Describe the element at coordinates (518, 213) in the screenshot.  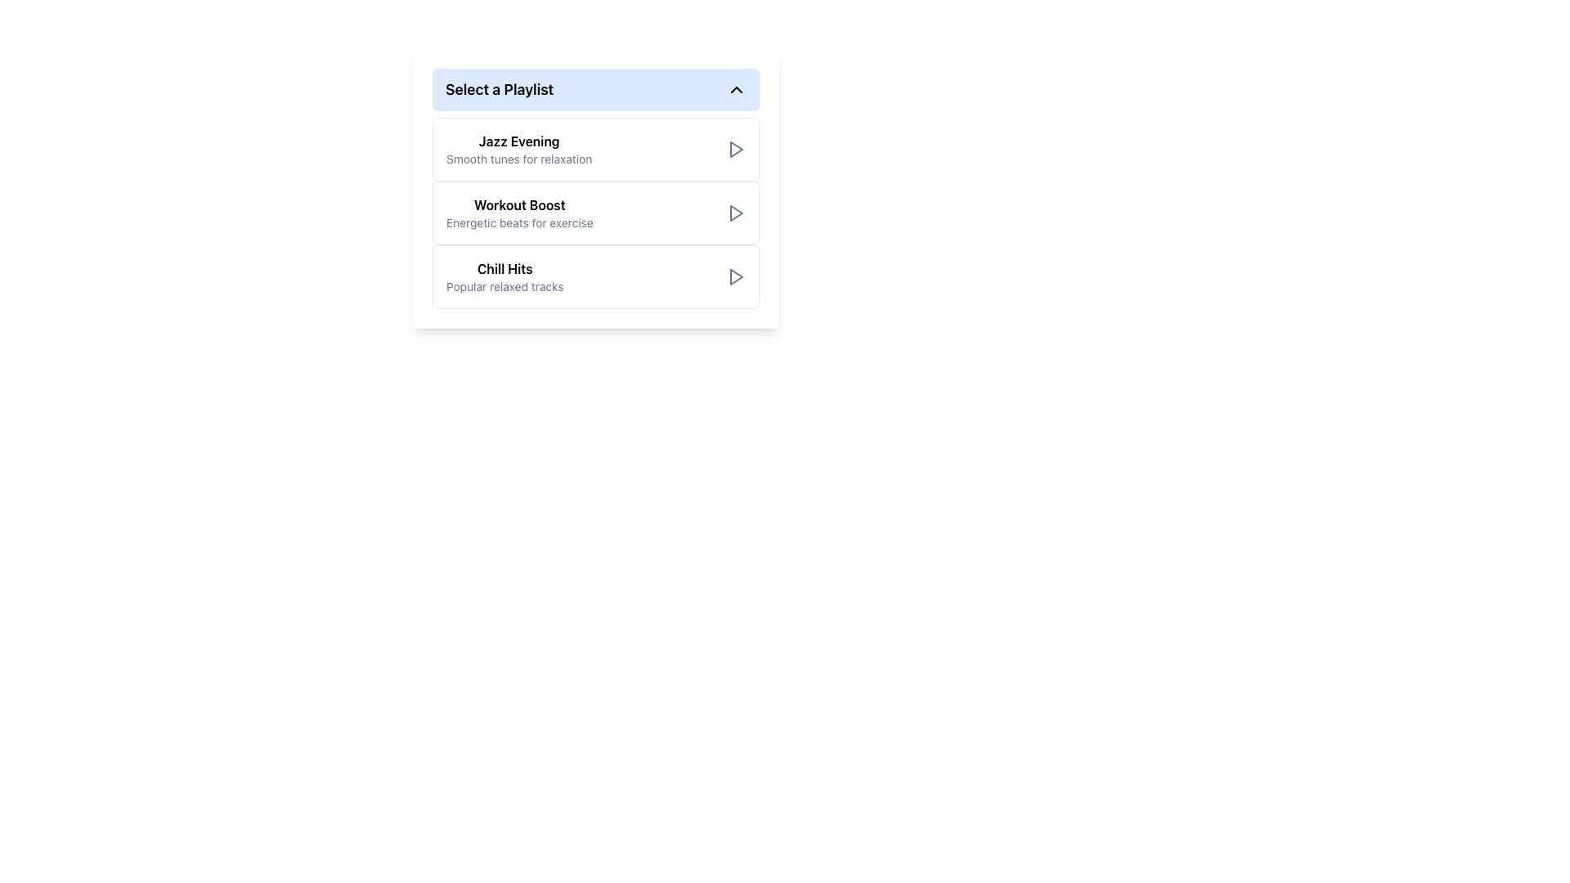
I see `the list item titled 'Workout Boost'` at that location.